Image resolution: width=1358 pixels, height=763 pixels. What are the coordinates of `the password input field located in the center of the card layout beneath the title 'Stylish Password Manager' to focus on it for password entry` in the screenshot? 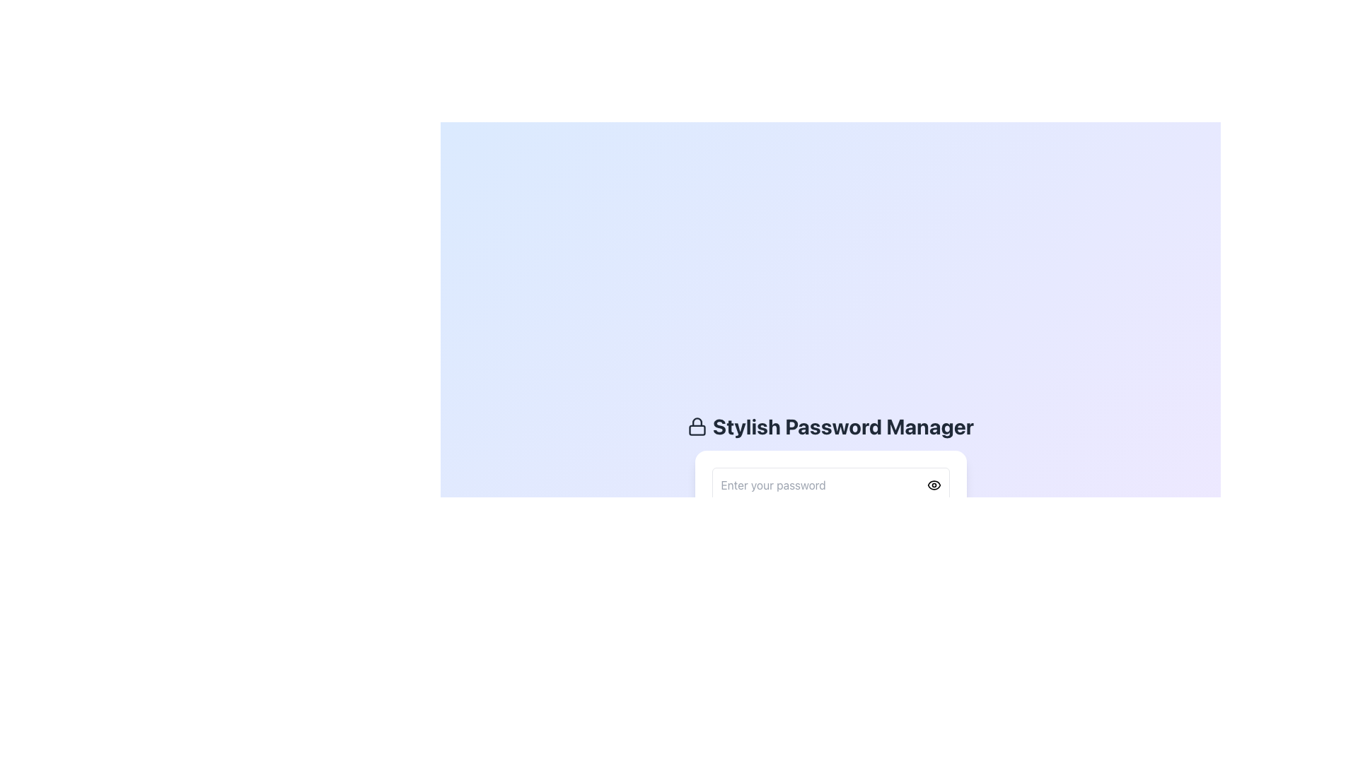 It's located at (830, 484).